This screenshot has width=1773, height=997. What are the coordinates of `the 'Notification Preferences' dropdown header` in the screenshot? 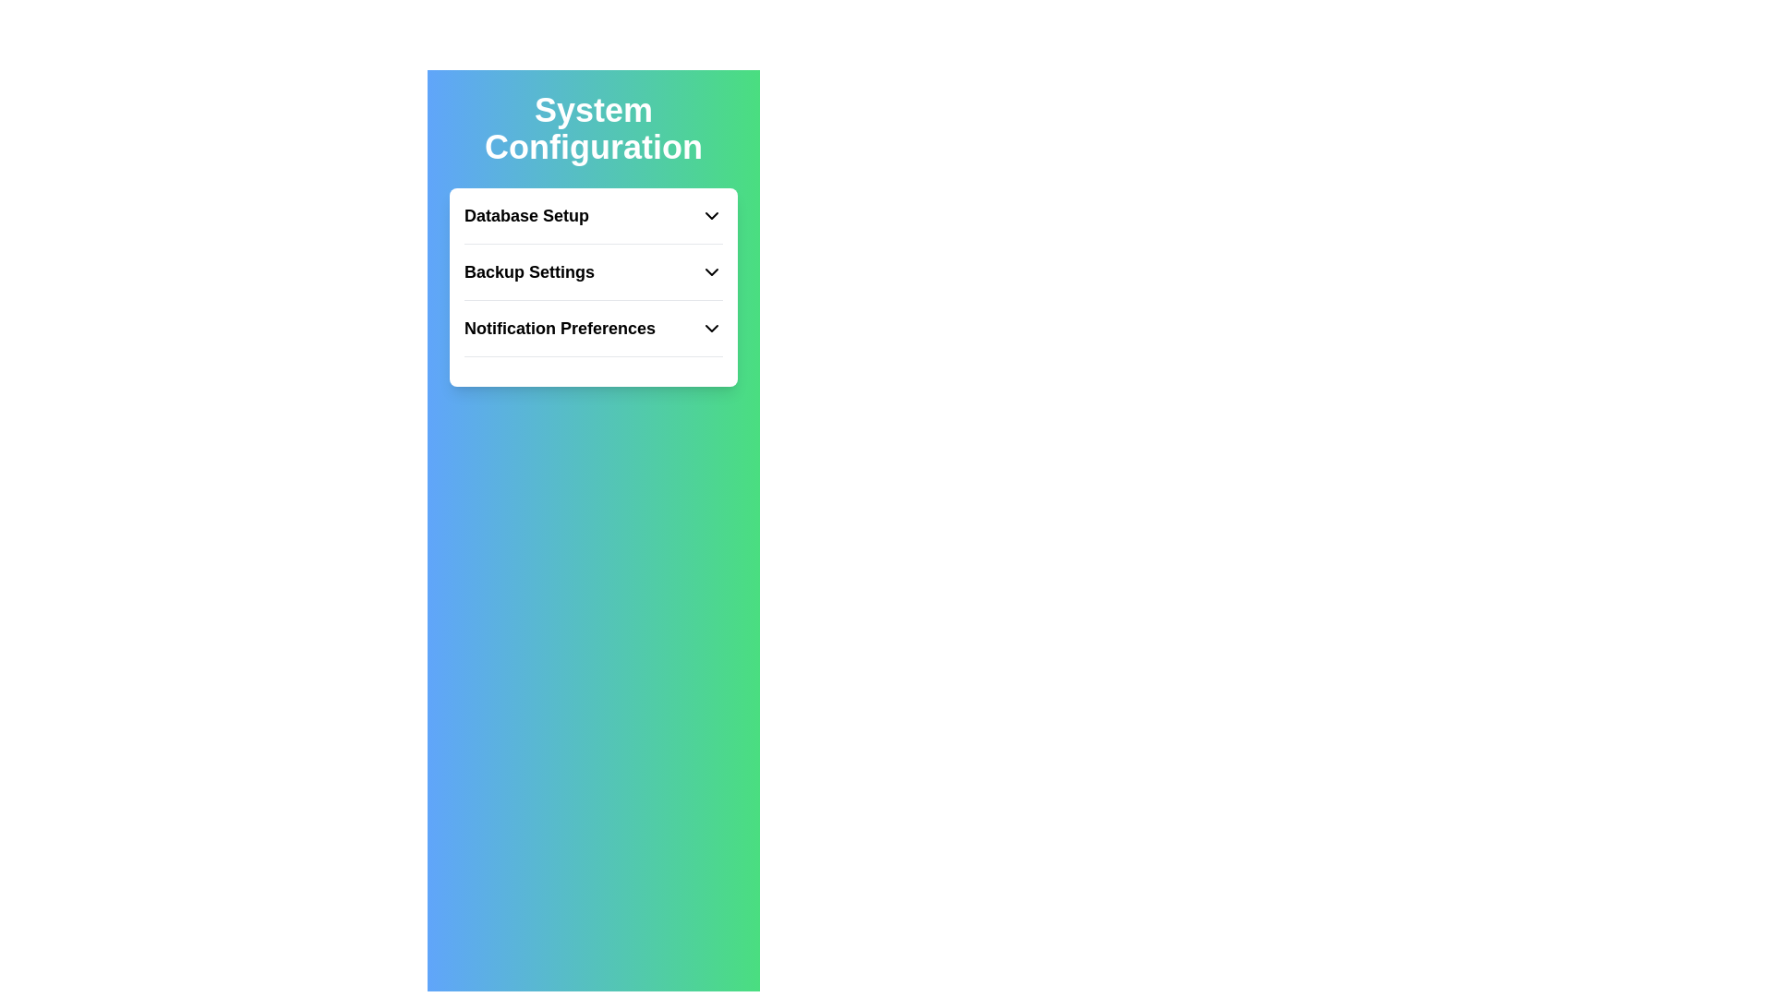 It's located at (594, 336).